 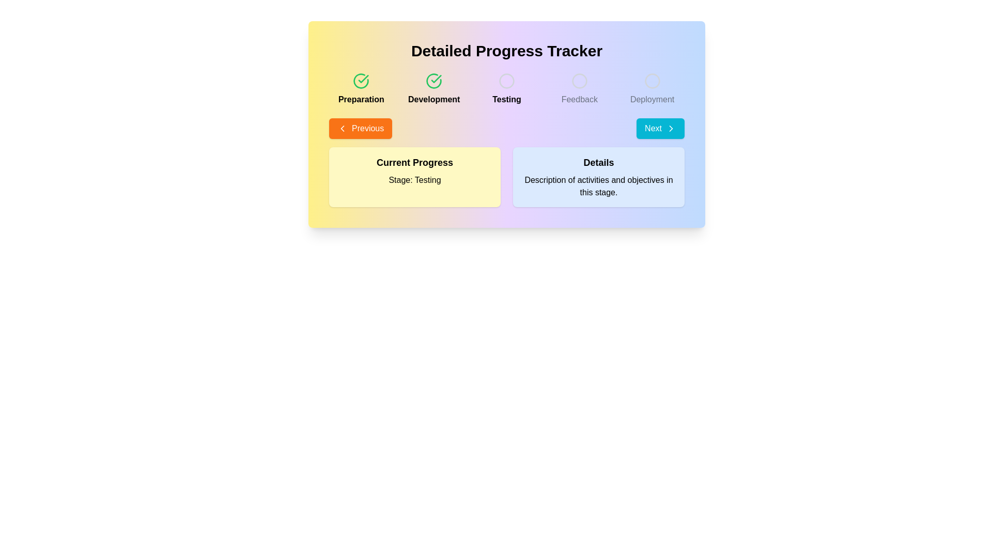 What do you see at coordinates (506, 89) in the screenshot?
I see `the 'Testing' phase step indicator in the progress tracker, which is the third step between 'Development' and 'Feedback'` at bounding box center [506, 89].